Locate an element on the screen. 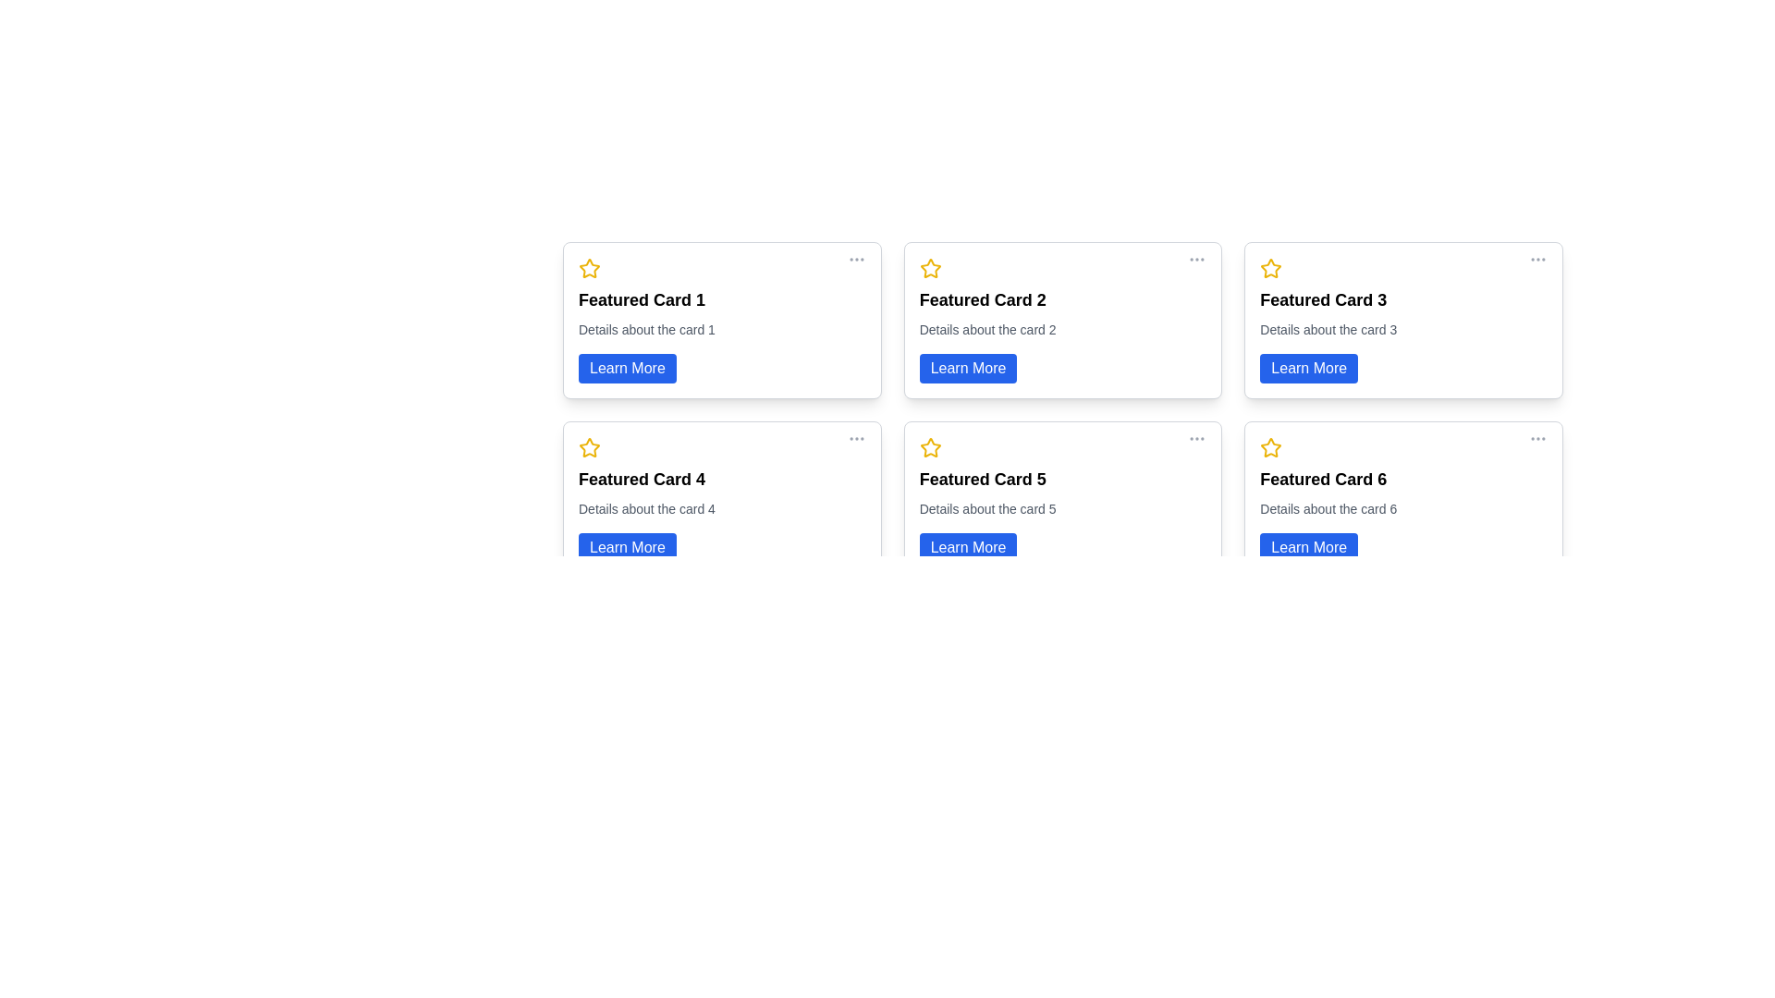 The image size is (1775, 998). the star icon associated with the second card in the grid list is located at coordinates (930, 268).